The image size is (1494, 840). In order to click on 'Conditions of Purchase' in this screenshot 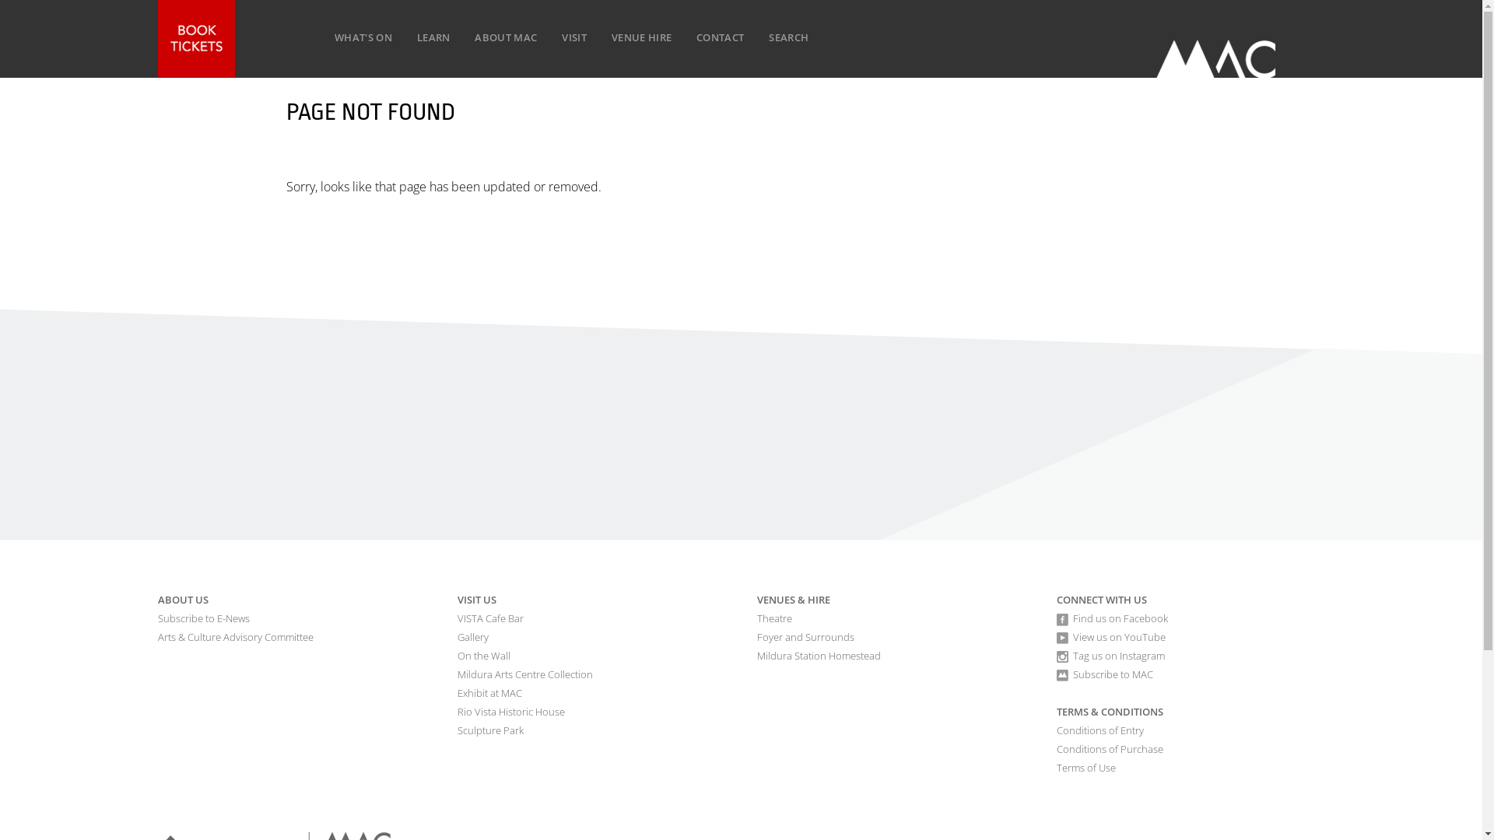, I will do `click(1109, 748)`.